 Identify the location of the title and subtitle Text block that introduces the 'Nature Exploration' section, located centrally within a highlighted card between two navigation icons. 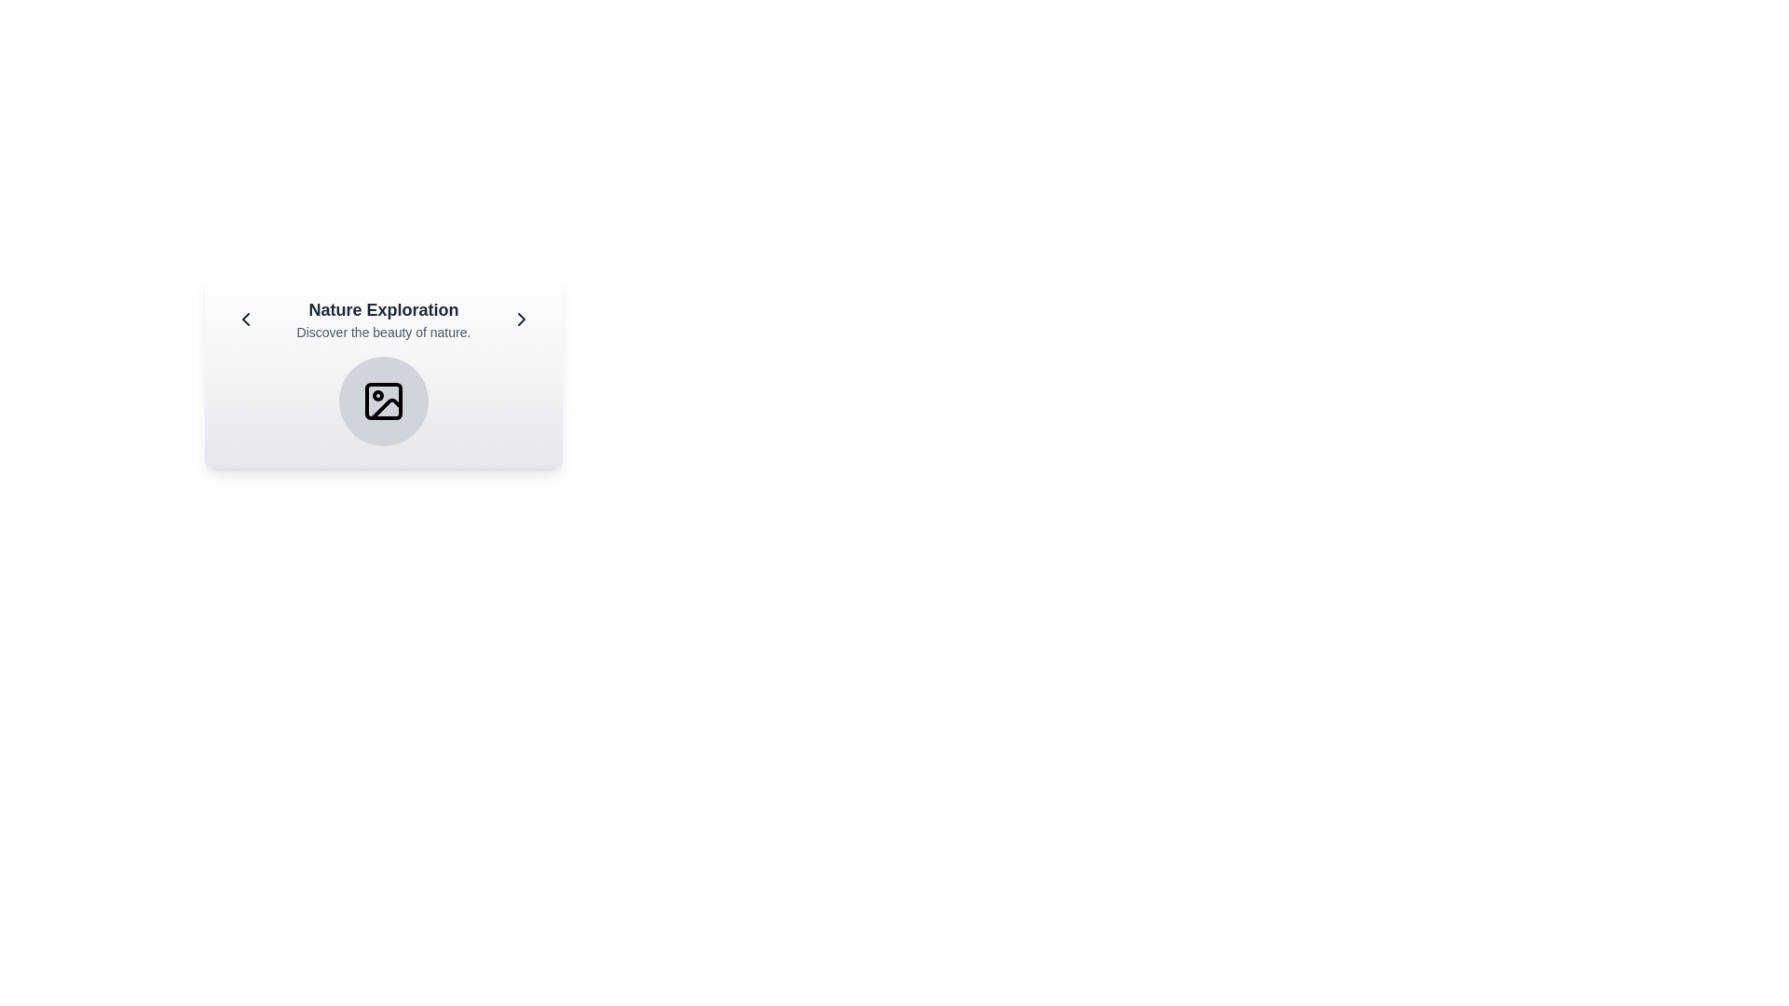
(383, 319).